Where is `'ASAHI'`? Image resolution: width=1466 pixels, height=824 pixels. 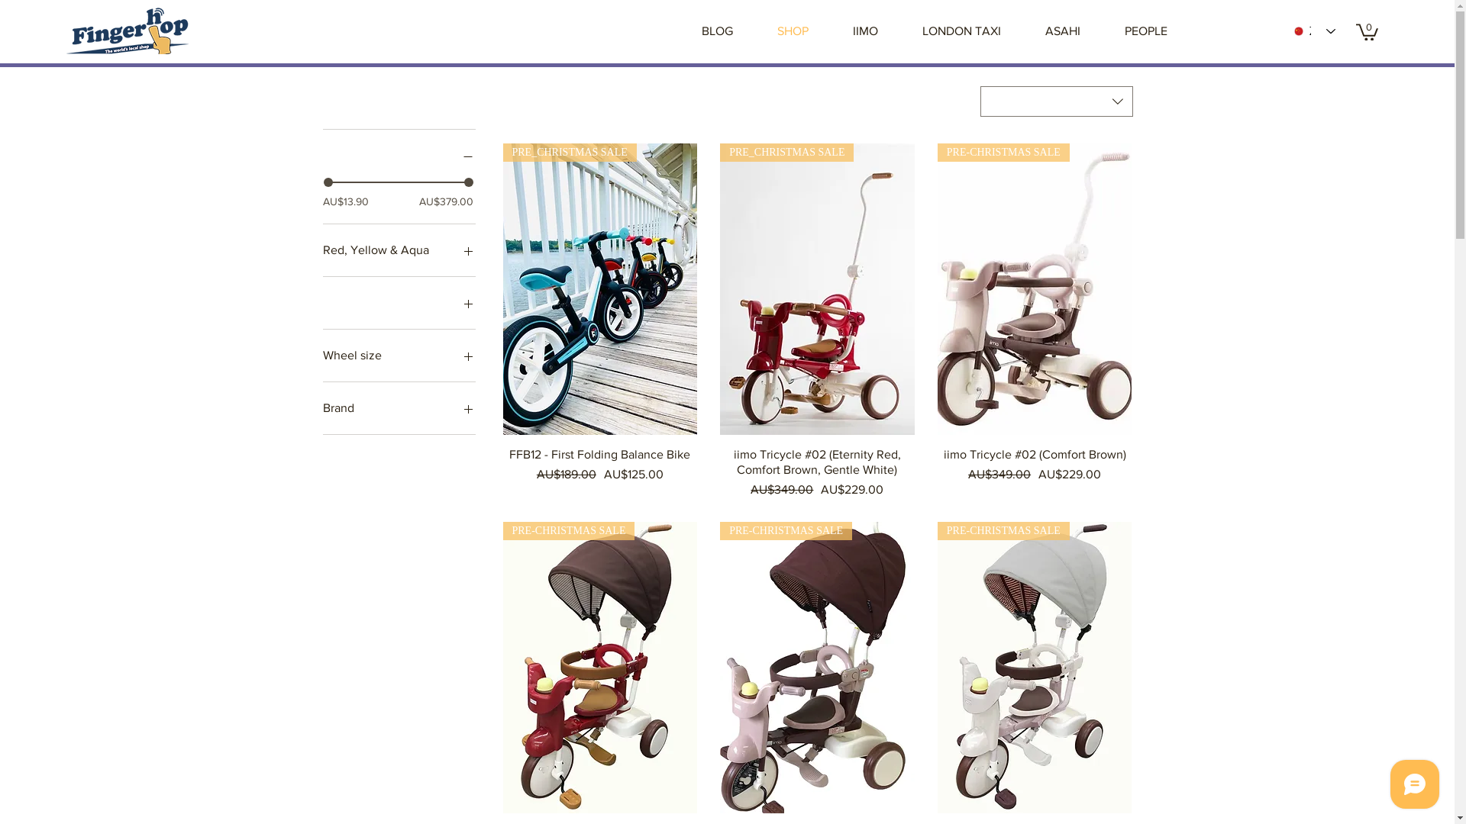
'ASAHI' is located at coordinates (1062, 31).